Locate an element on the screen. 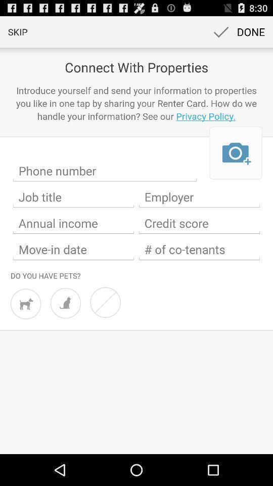 Image resolution: width=273 pixels, height=486 pixels. number of people you are planning to move in with is located at coordinates (199, 249).